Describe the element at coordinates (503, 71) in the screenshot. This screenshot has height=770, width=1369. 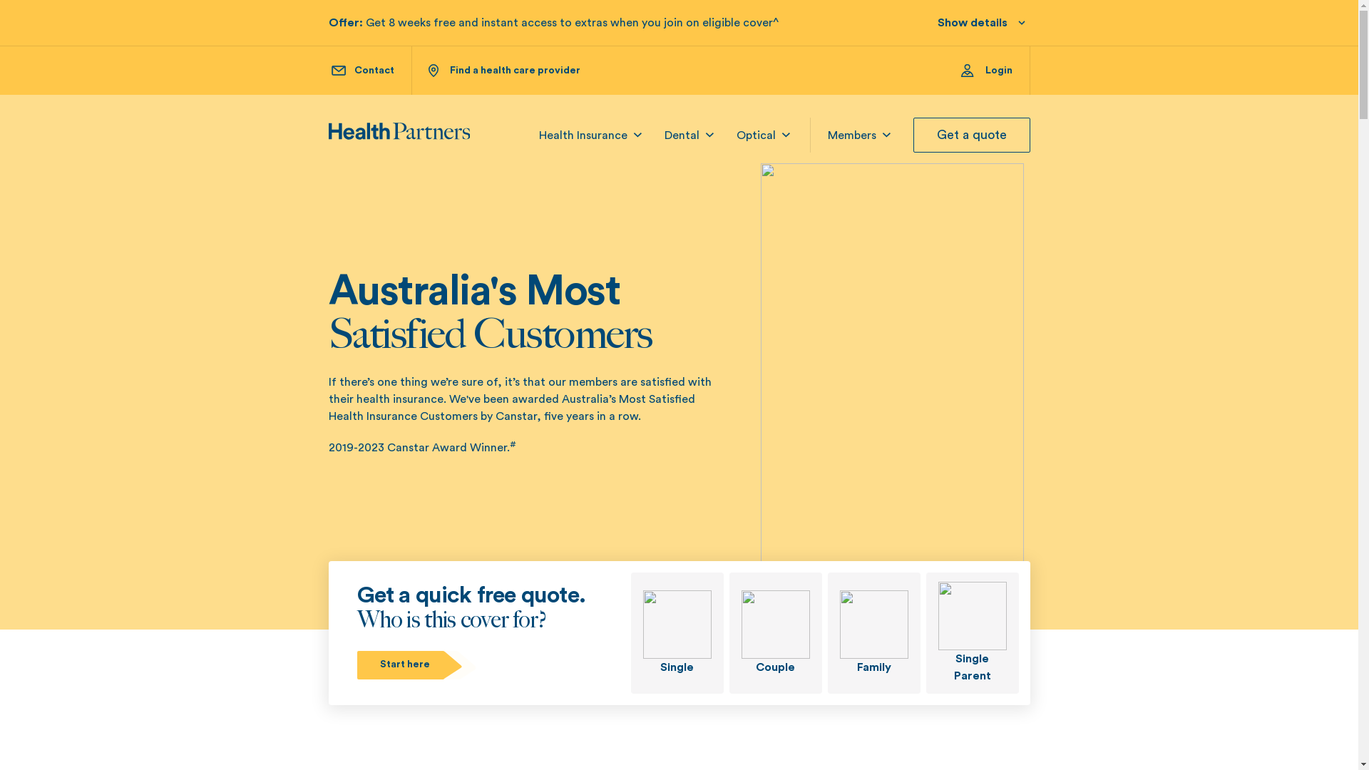
I see `'Find a health care provider'` at that location.